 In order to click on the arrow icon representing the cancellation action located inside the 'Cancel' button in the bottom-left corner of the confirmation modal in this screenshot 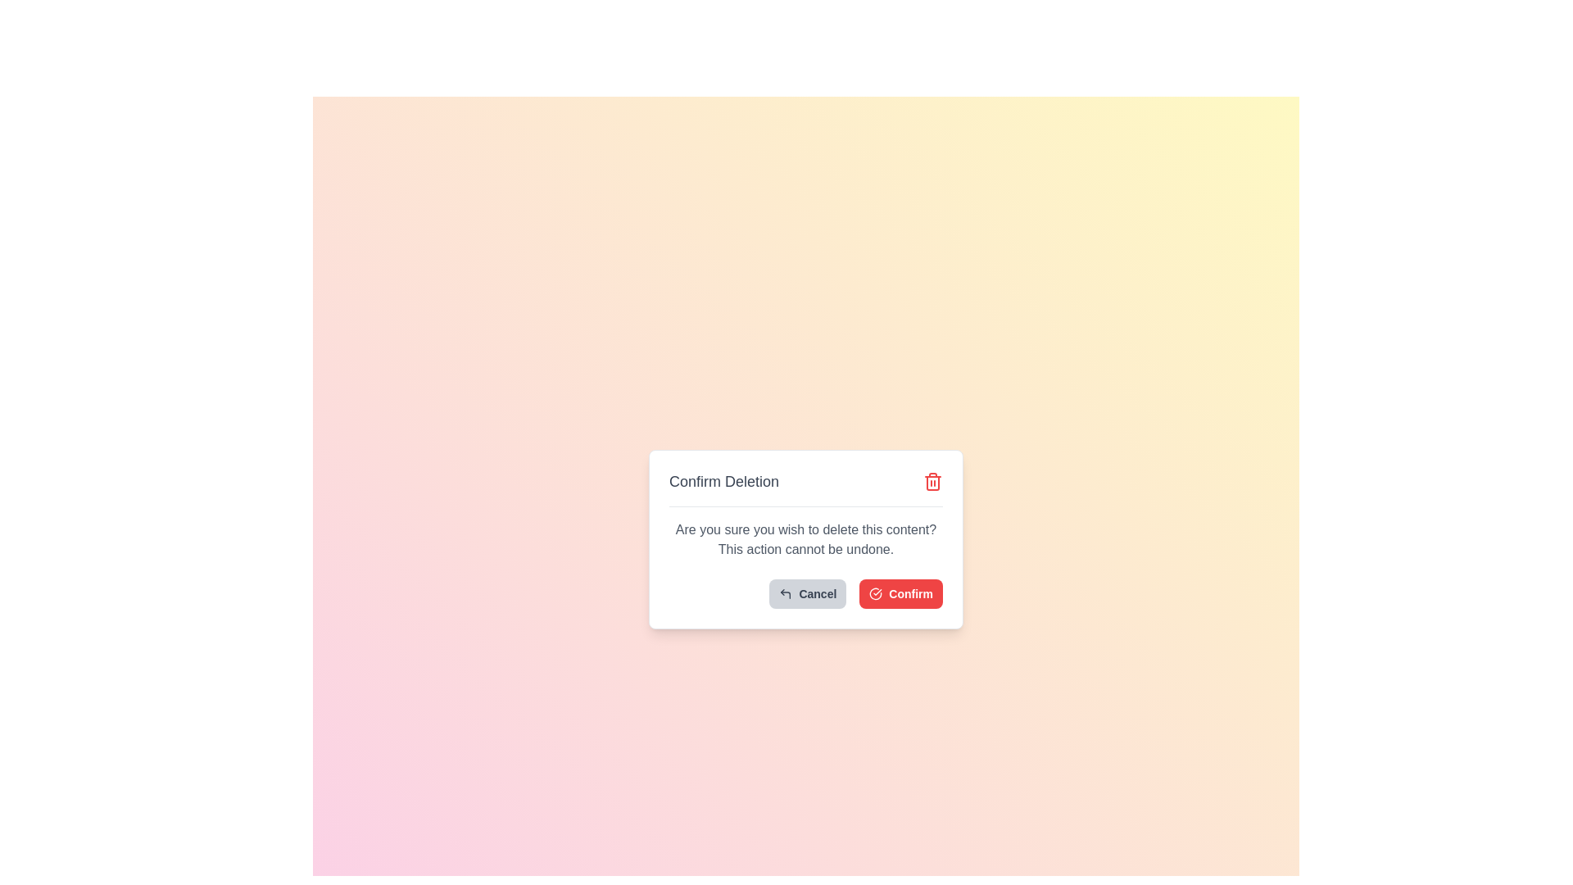, I will do `click(785, 593)`.